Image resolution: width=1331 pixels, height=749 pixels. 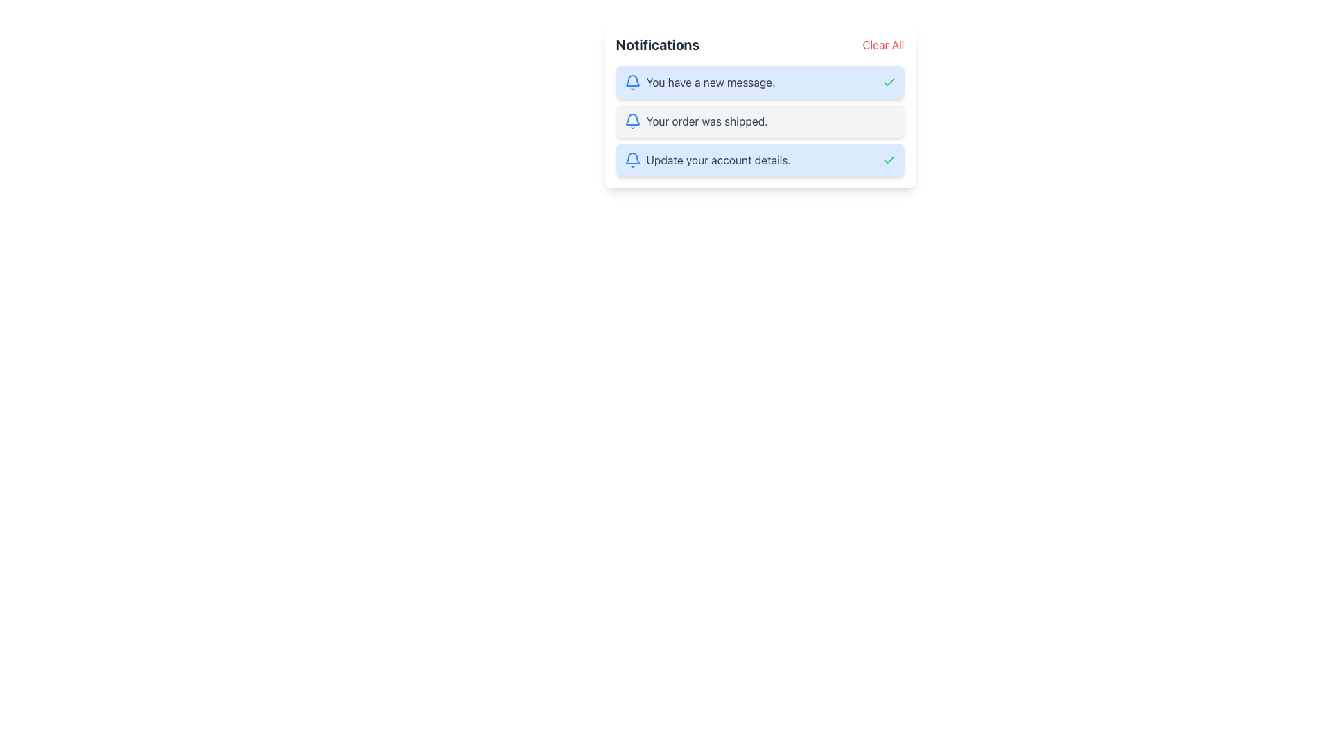 I want to click on the blue bell icon in the notification card that indicates notifications, positioned to the left of the text 'Update your account details.', so click(x=632, y=160).